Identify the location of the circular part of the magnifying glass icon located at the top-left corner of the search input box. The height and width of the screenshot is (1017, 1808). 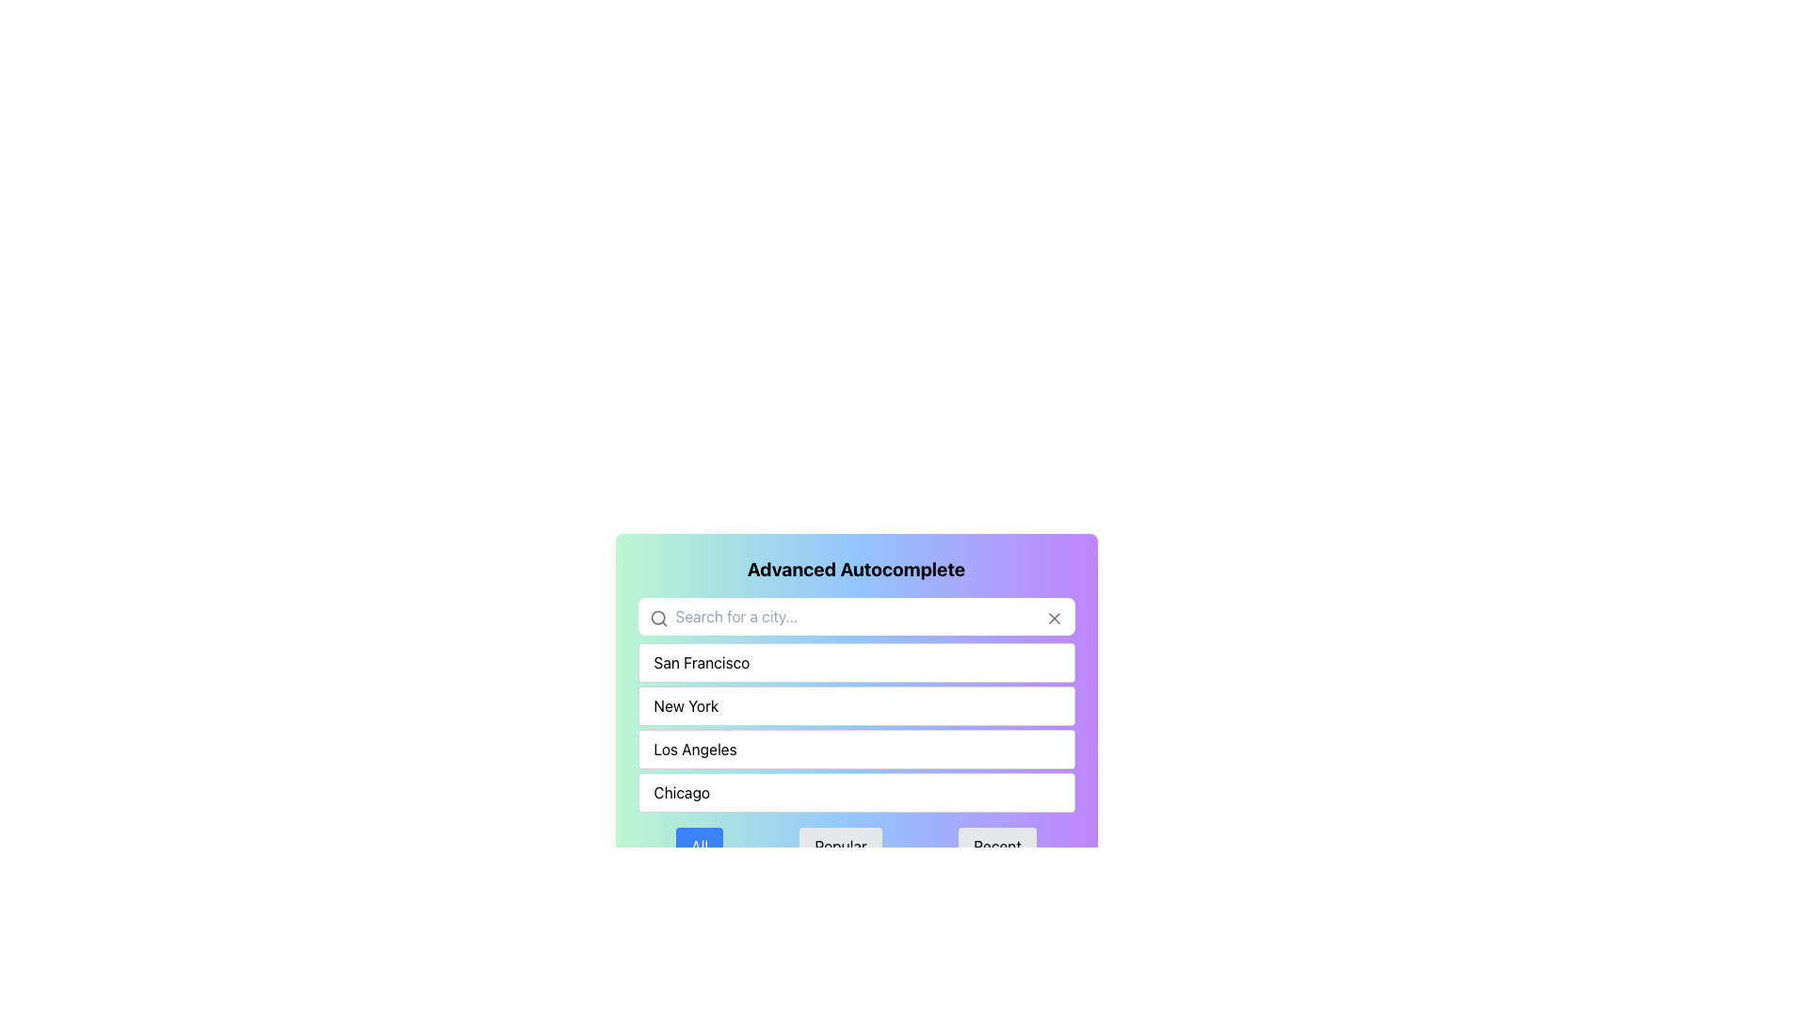
(657, 618).